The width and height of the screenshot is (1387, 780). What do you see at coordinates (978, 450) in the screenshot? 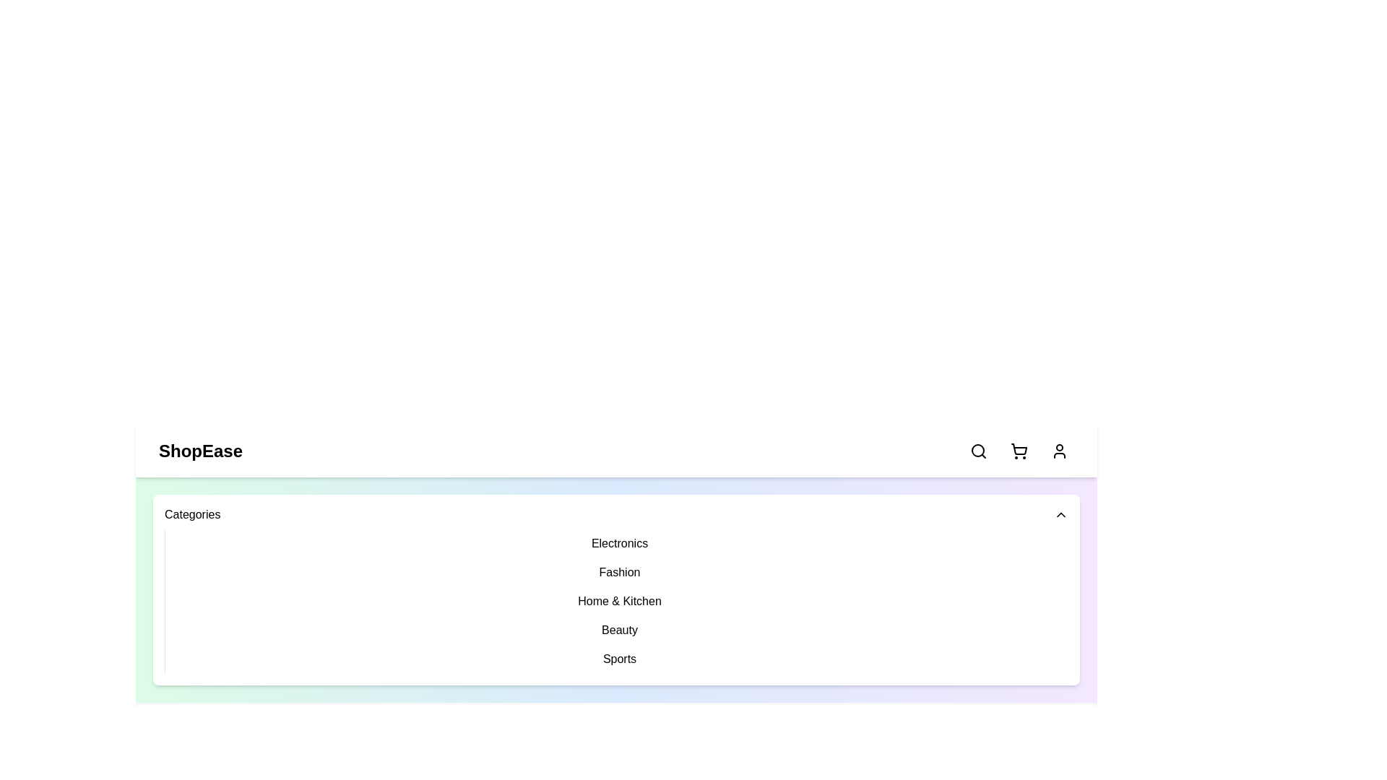
I see `the circular button with a magnifying glass icon, which is the first icon from the left` at bounding box center [978, 450].